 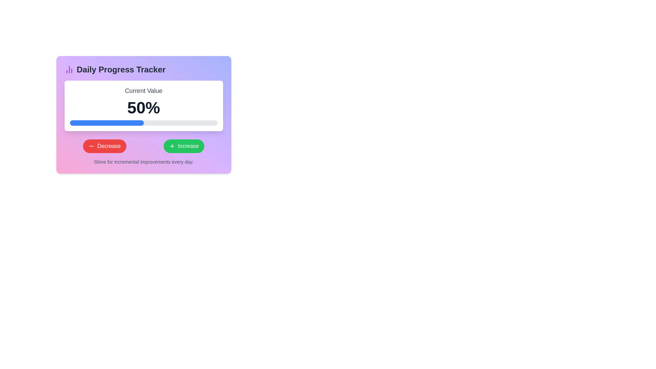 What do you see at coordinates (109, 146) in the screenshot?
I see `text element that displays 'Decrease', which is styled with white text on a red background within a button-like structure` at bounding box center [109, 146].